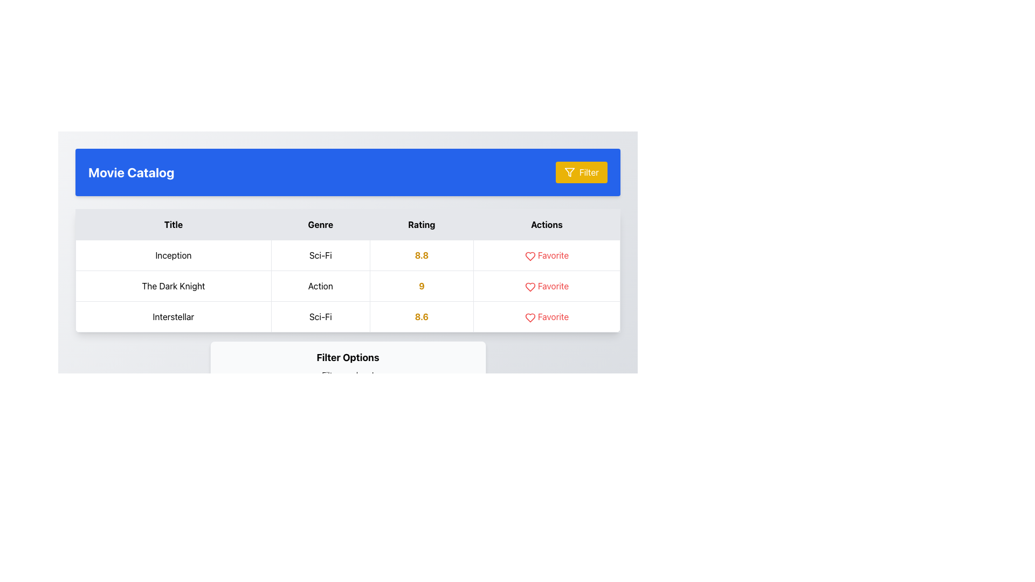 The height and width of the screenshot is (582, 1035). I want to click on the favorite icon located in the second row of the 'Actions' column next to the rating '9' for 'The Dark Knight', so click(530, 256).